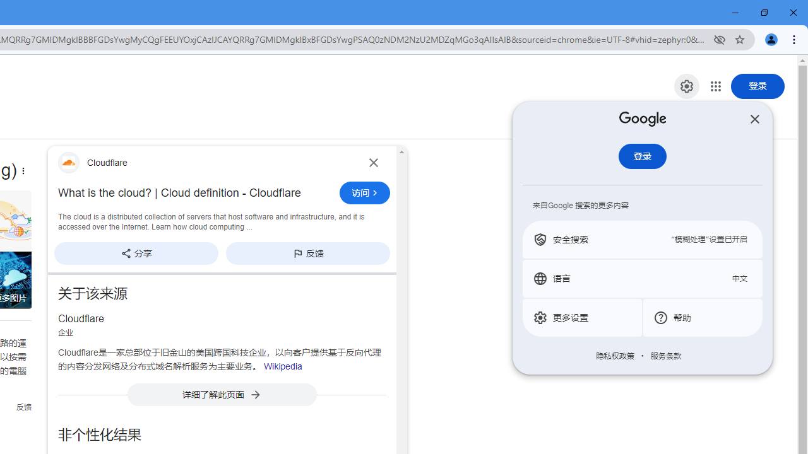 The width and height of the screenshot is (808, 454). What do you see at coordinates (194, 193) in the screenshot?
I see `'What is the cloud? | Cloud definition - Cloudflare'` at bounding box center [194, 193].